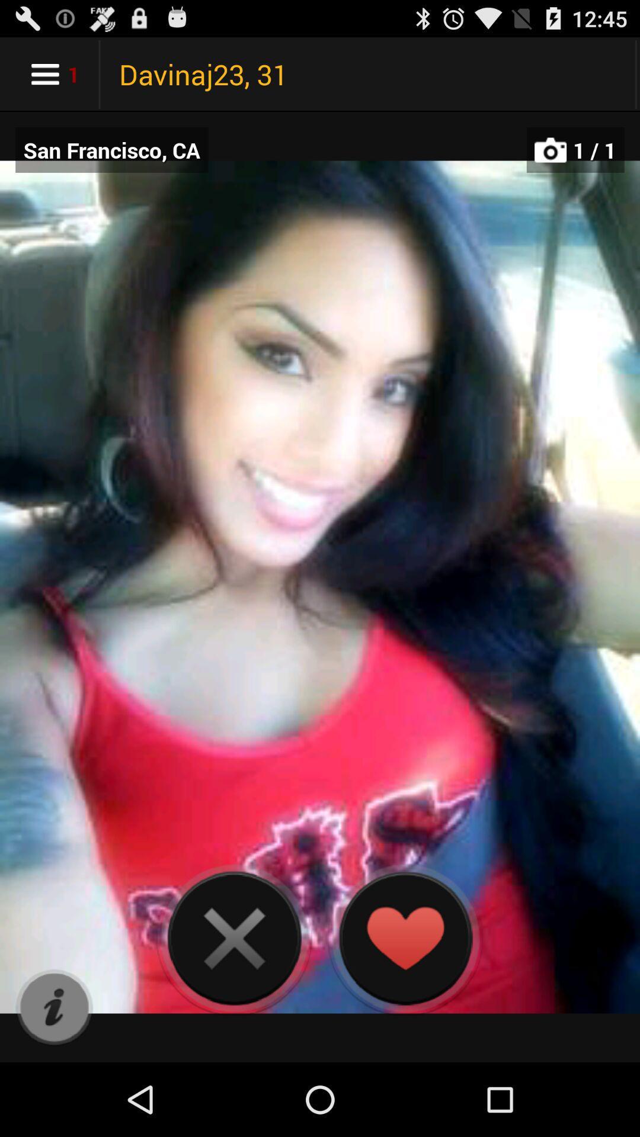 The image size is (640, 1137). I want to click on dislike picture, so click(234, 937).